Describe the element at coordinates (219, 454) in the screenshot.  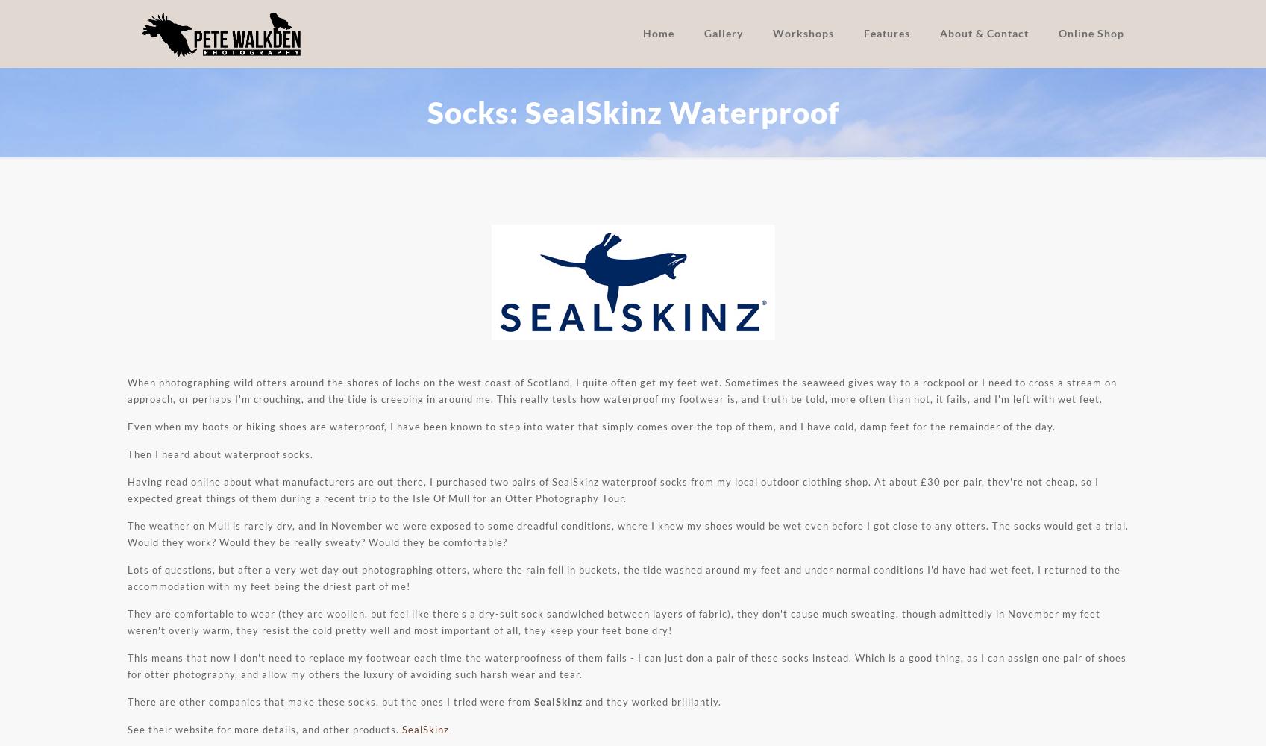
I see `'Then I heard about waterproof socks.'` at that location.